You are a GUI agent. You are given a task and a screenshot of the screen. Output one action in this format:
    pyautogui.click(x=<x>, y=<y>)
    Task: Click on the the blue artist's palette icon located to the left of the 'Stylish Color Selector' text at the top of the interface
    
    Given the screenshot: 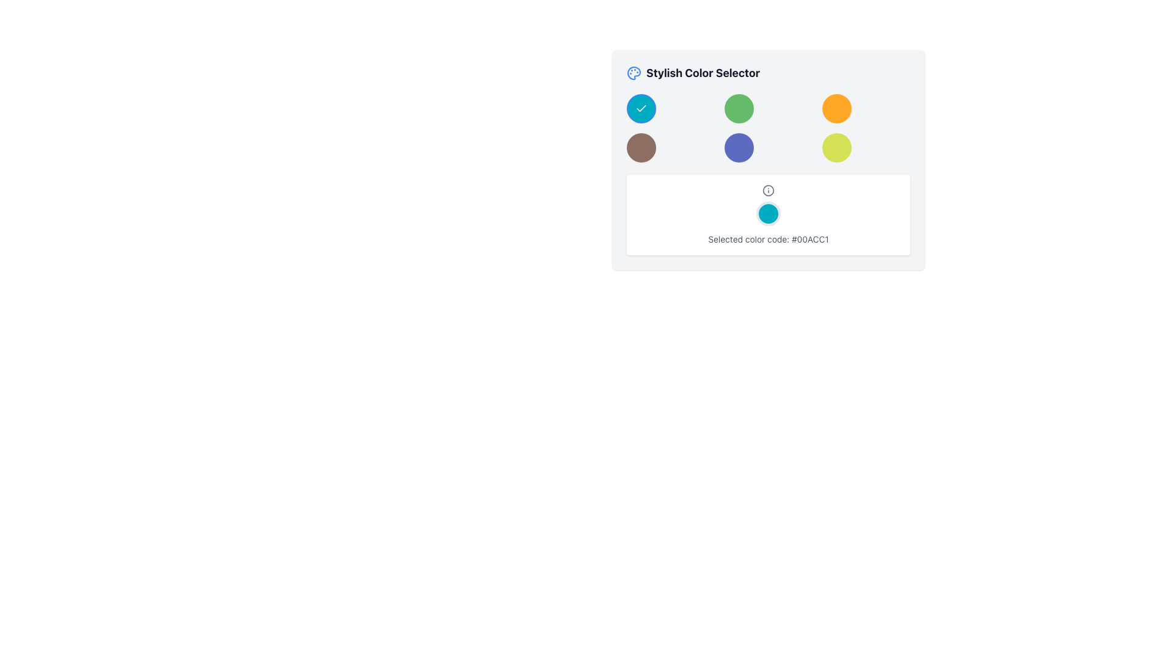 What is the action you would take?
    pyautogui.click(x=634, y=73)
    